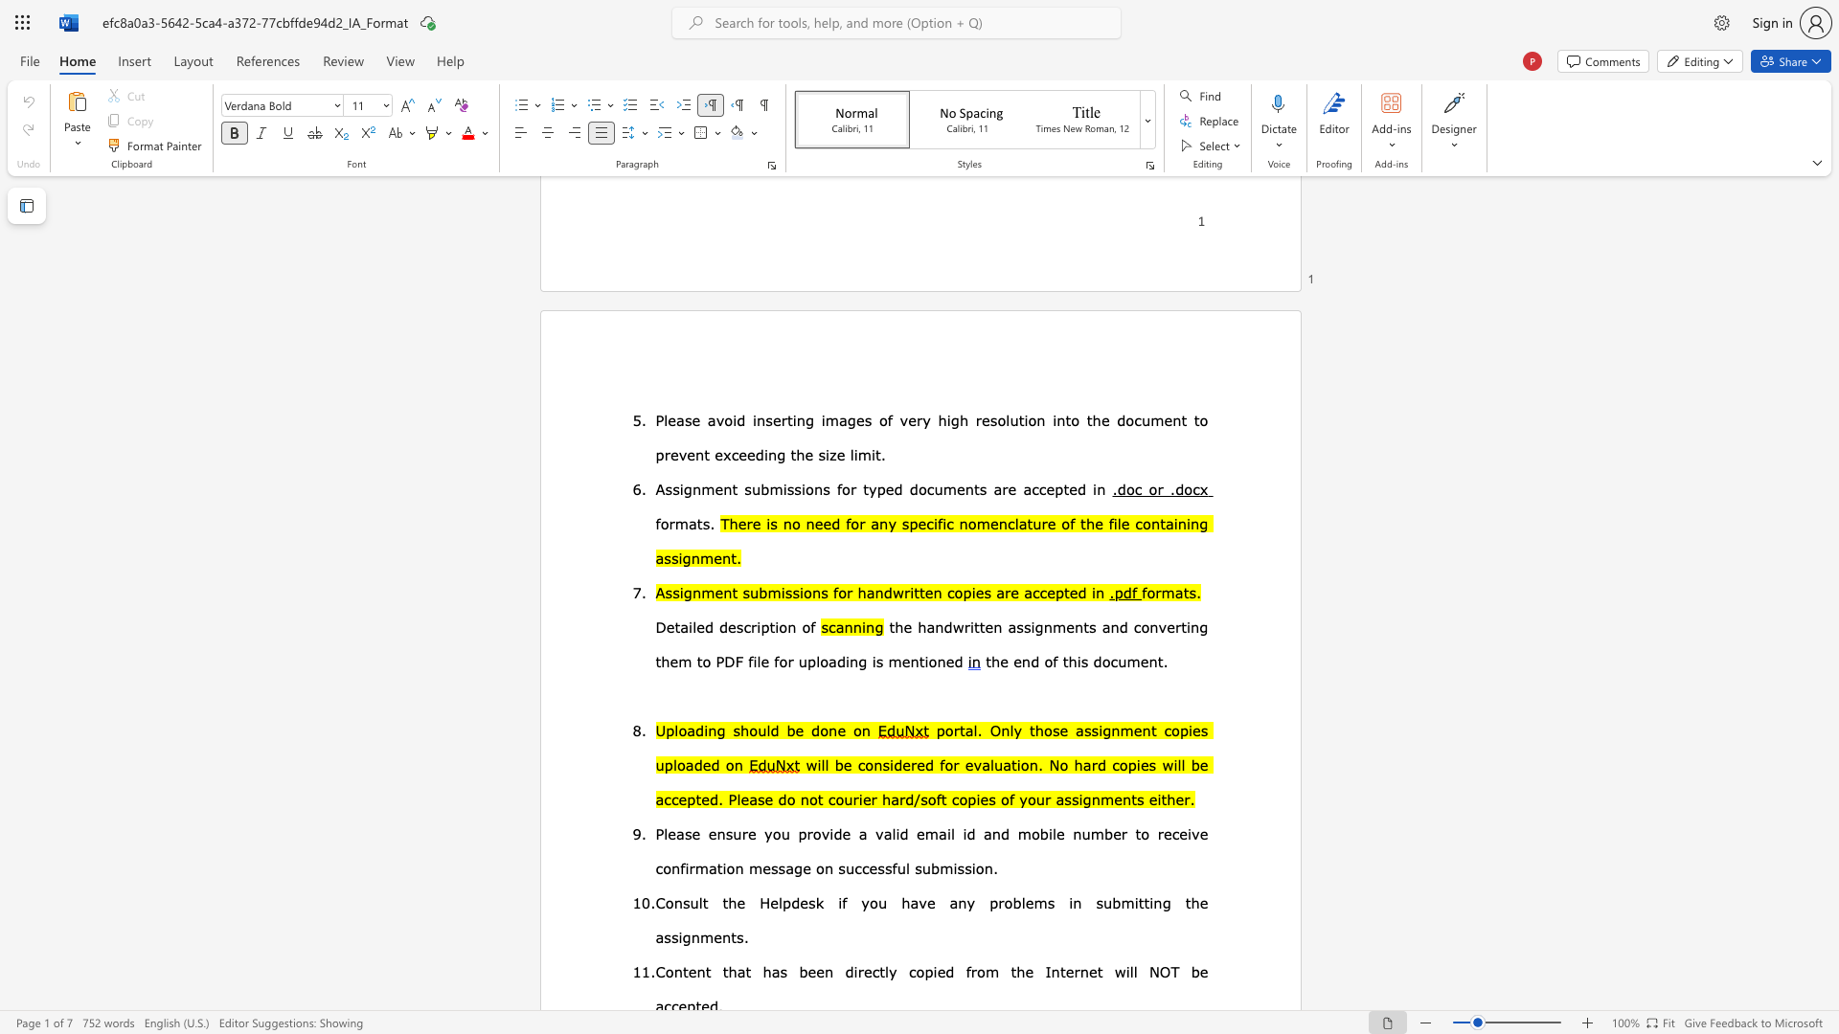 Image resolution: width=1839 pixels, height=1034 pixels. I want to click on the subset text "oblem" within the text "Consult the Helpdesk if you have any problems in", so click(1003, 902).